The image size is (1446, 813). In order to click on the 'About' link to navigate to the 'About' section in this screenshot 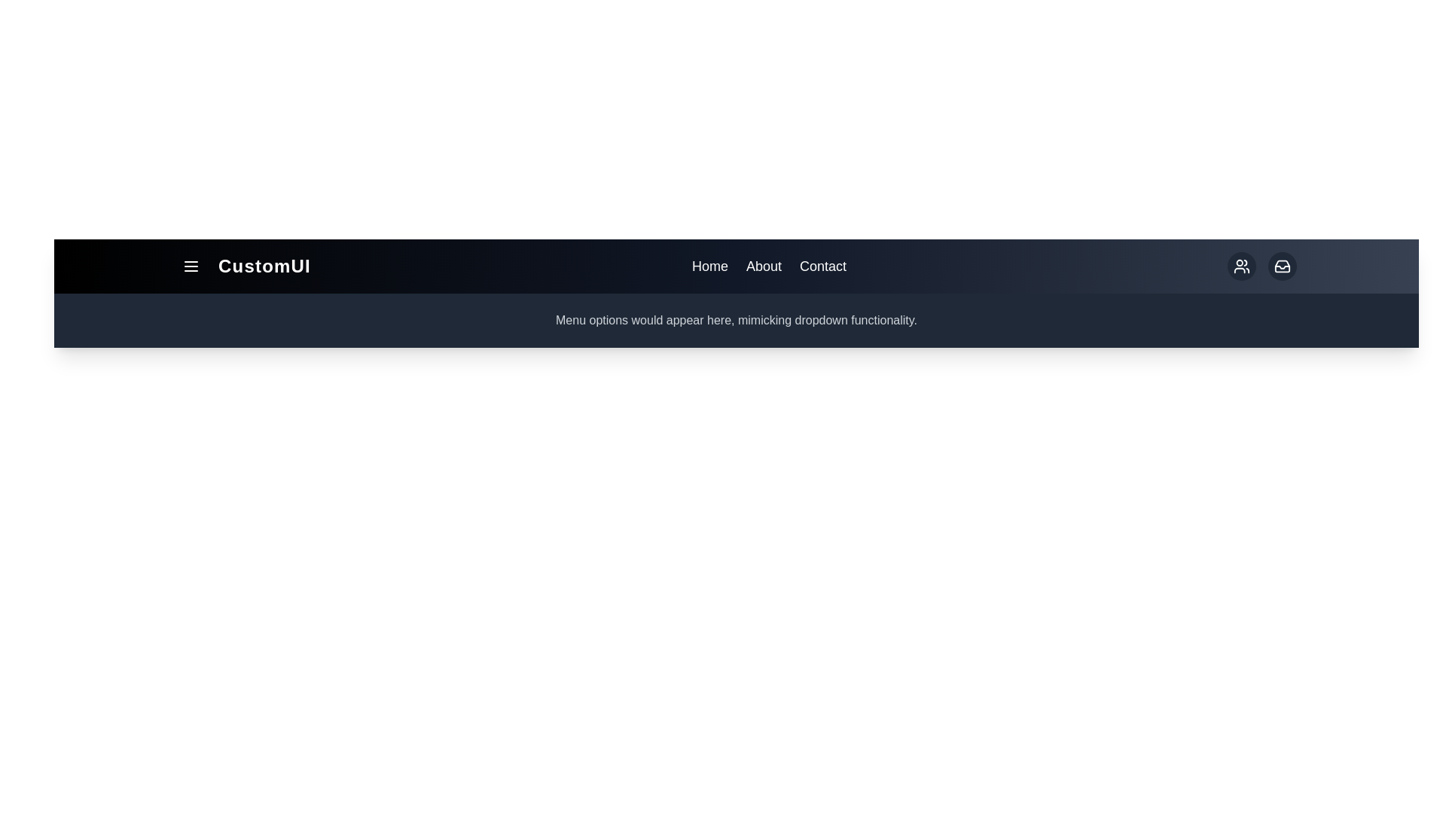, I will do `click(763, 266)`.